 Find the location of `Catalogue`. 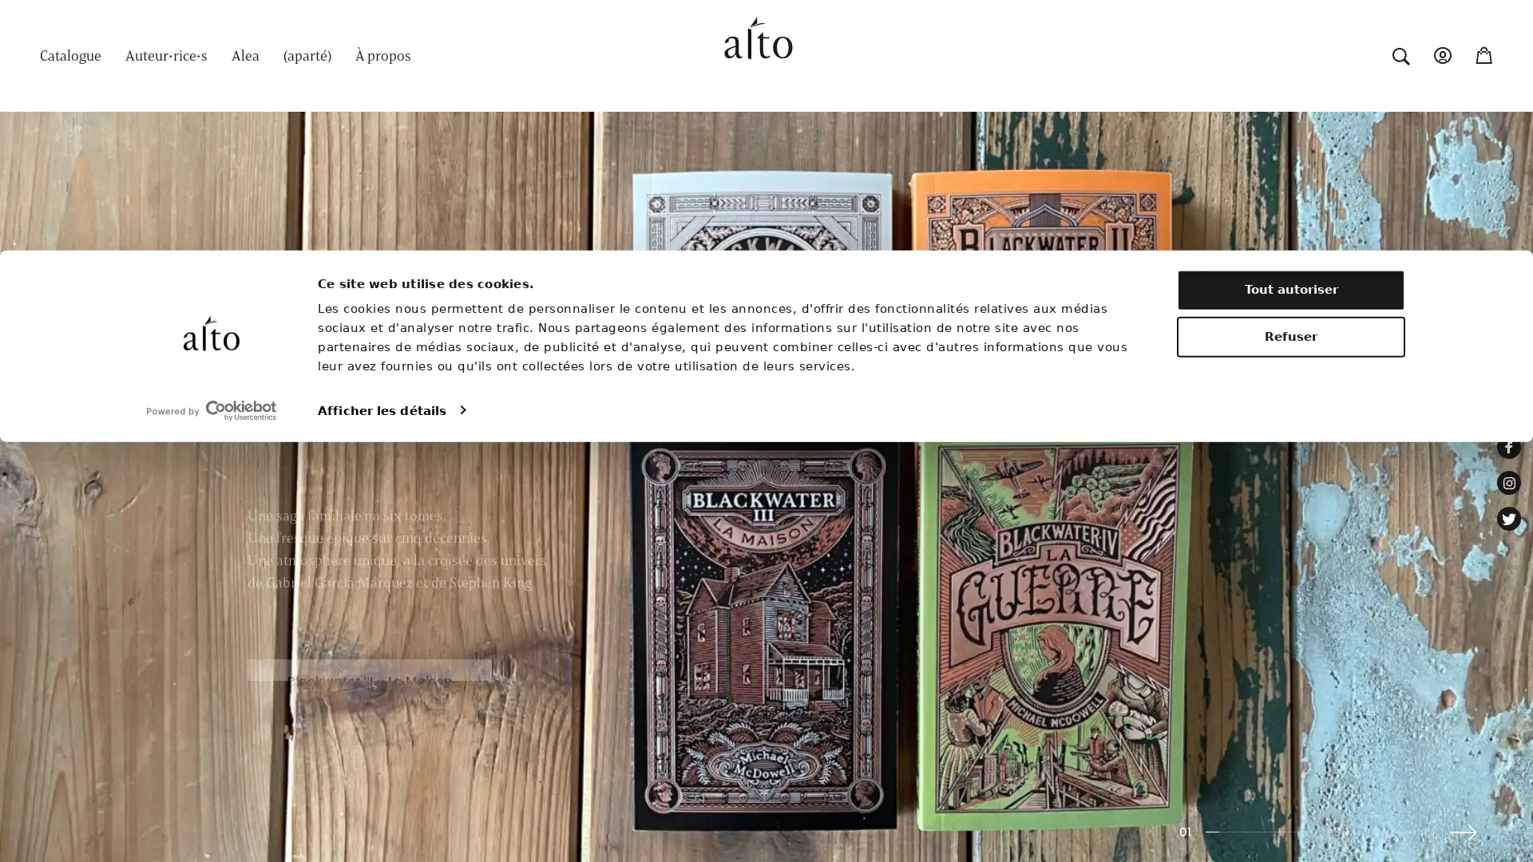

Catalogue is located at coordinates (69, 54).